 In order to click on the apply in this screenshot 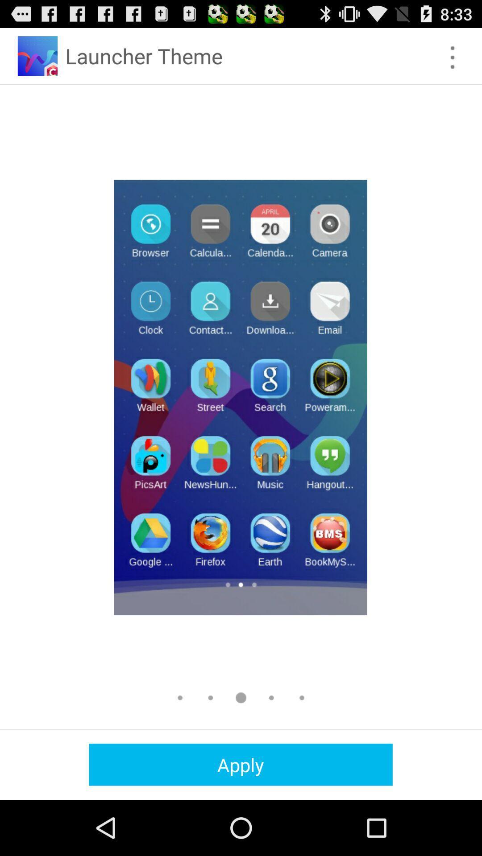, I will do `click(240, 764)`.